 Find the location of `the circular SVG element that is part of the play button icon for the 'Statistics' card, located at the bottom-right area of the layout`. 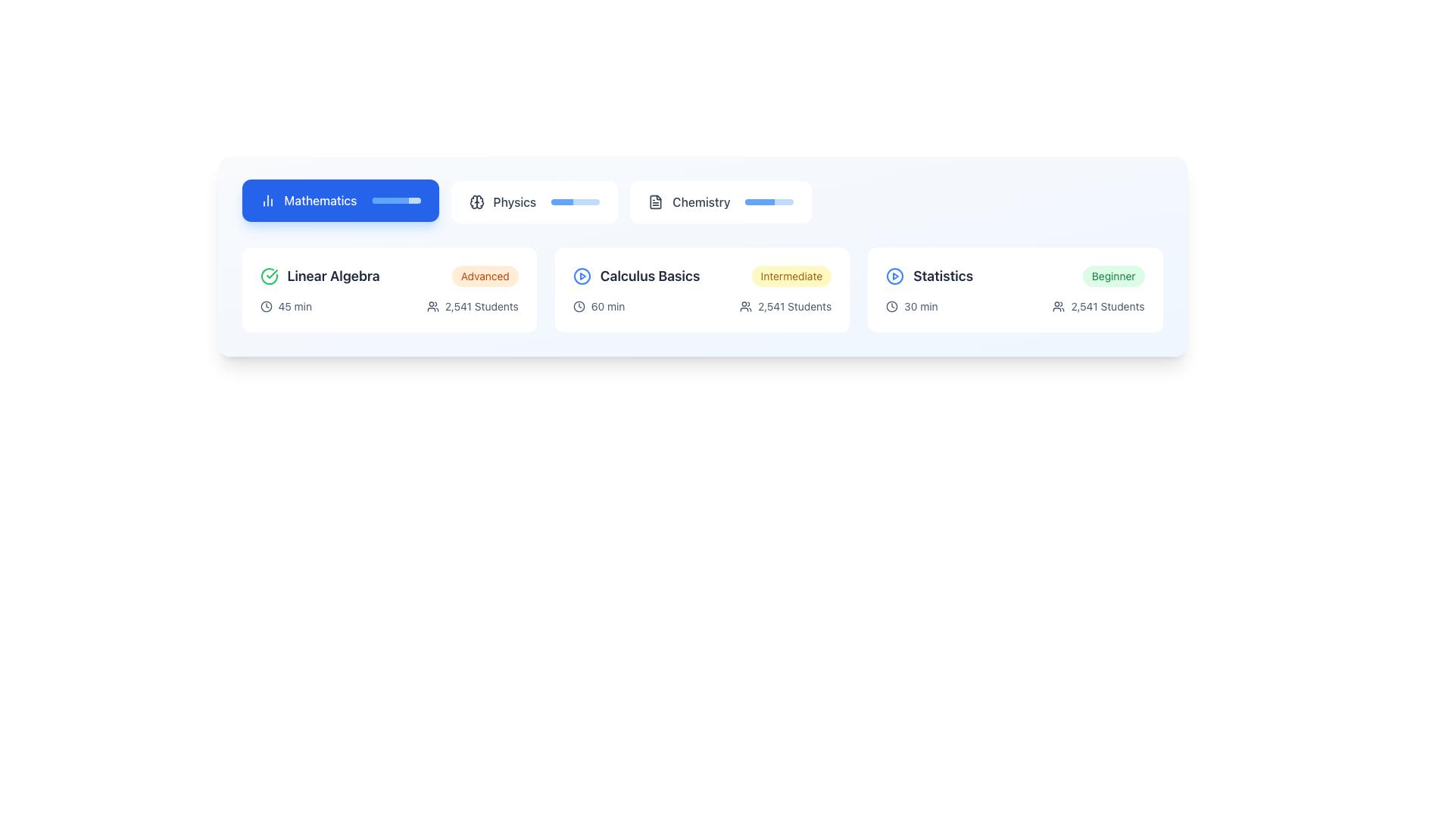

the circular SVG element that is part of the play button icon for the 'Statistics' card, located at the bottom-right area of the layout is located at coordinates (895, 276).